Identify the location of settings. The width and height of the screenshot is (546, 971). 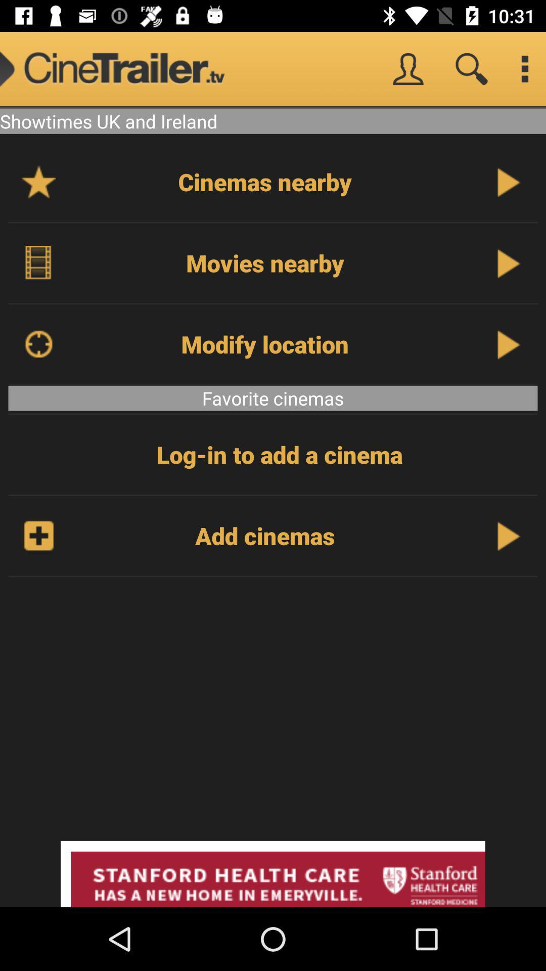
(524, 68).